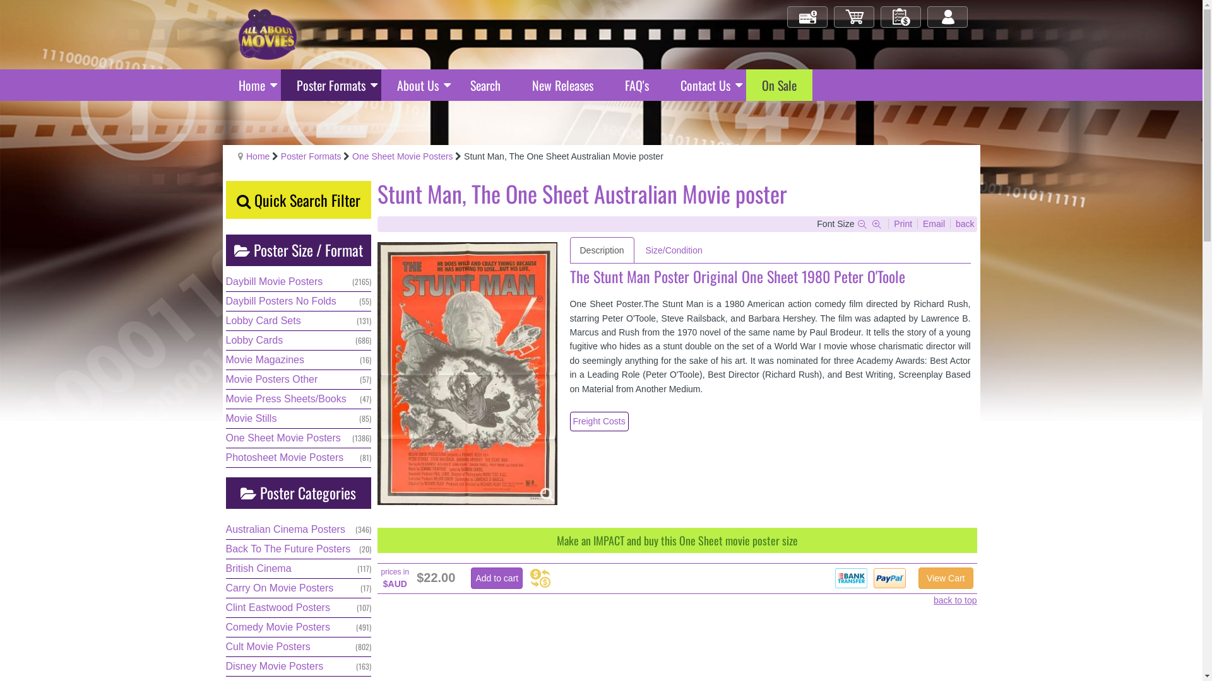 The image size is (1212, 681). What do you see at coordinates (226, 199) in the screenshot?
I see `'Quick Search Filter'` at bounding box center [226, 199].